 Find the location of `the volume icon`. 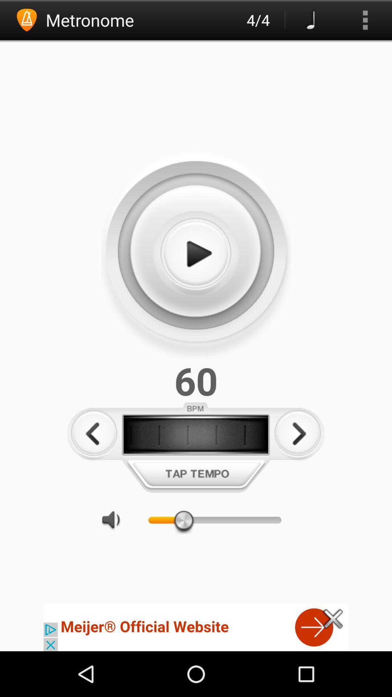

the volume icon is located at coordinates (114, 556).